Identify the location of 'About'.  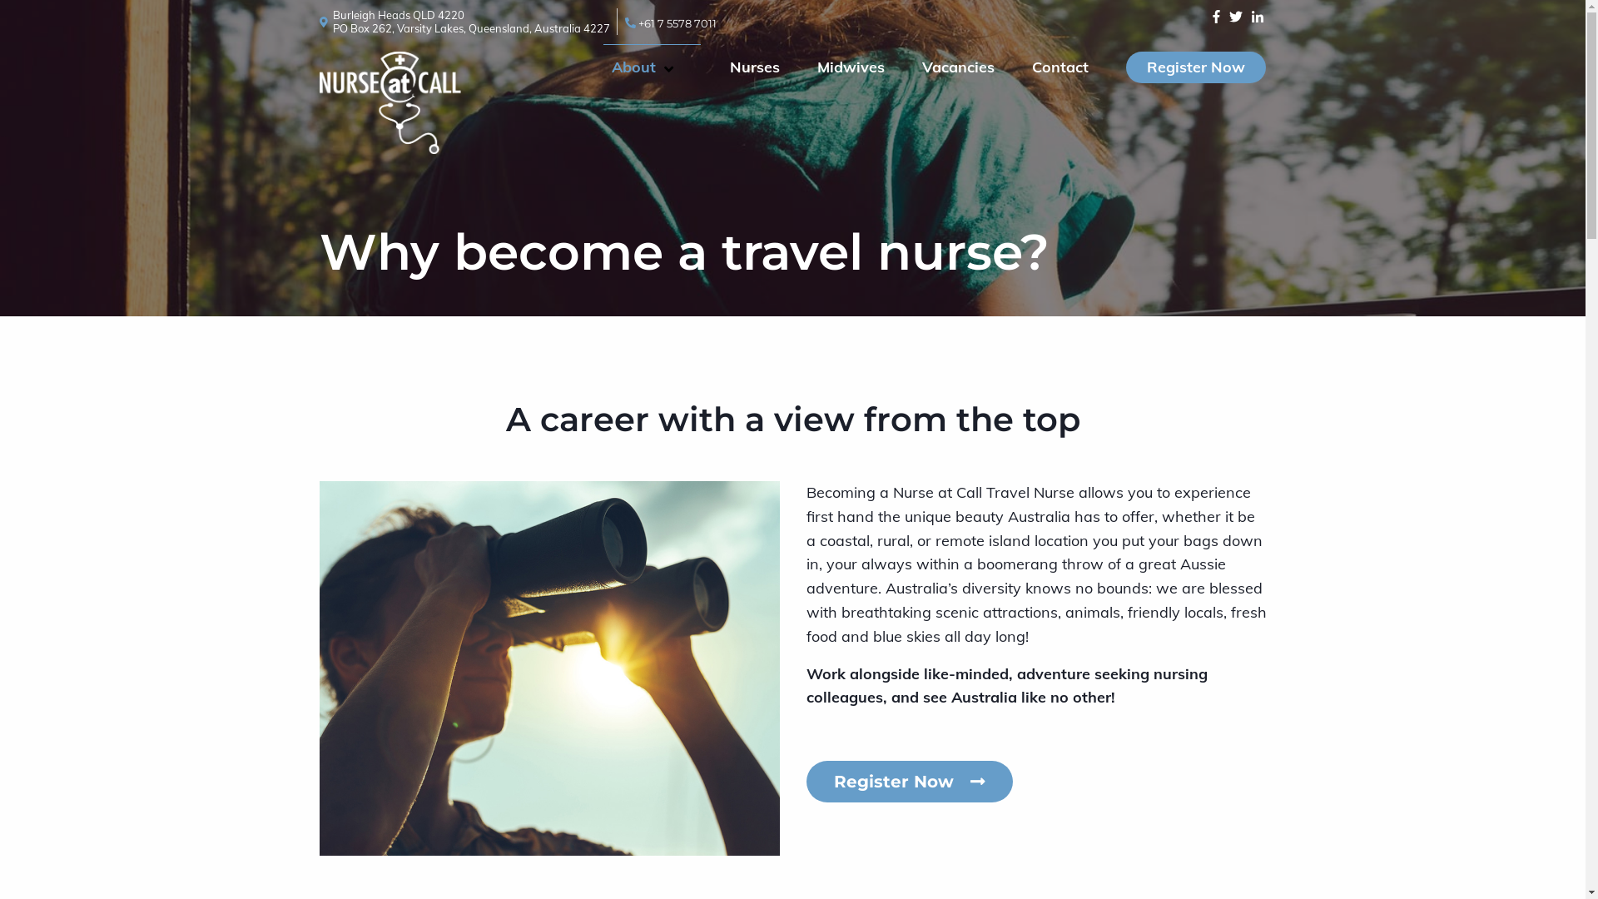
(610, 67).